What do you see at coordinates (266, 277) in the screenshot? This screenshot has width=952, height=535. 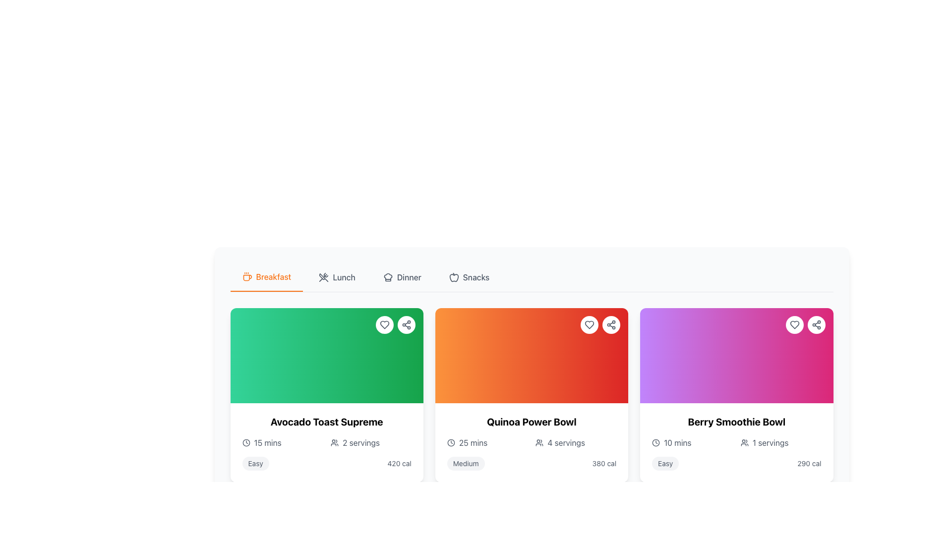 I see `the 'Breakfast' interactive button located in the upper-left section of the navigation bar` at bounding box center [266, 277].